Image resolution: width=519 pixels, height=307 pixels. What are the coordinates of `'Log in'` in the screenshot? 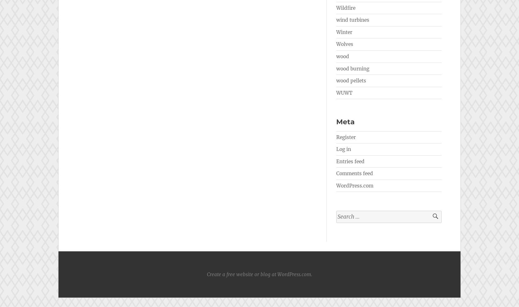 It's located at (343, 149).